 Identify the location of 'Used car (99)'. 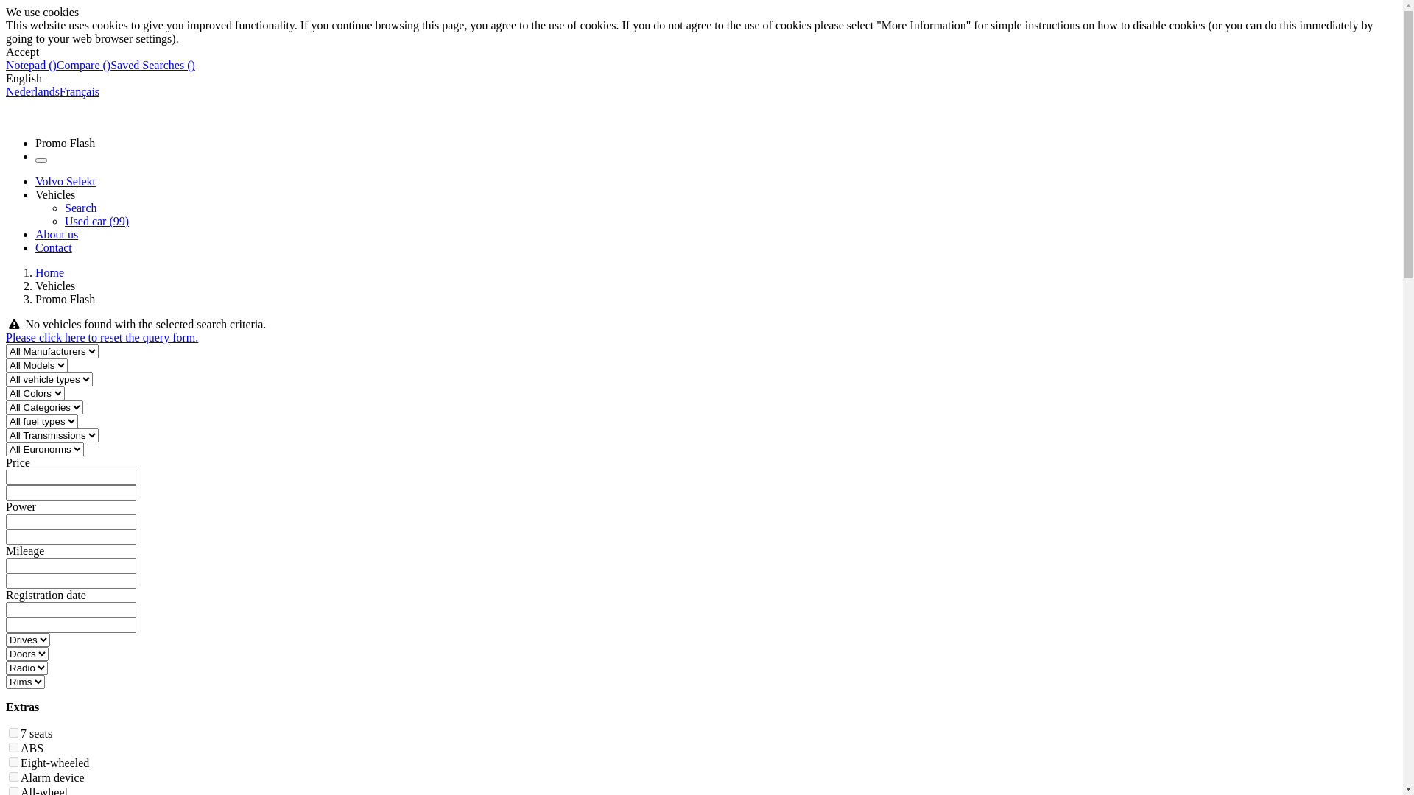
(96, 221).